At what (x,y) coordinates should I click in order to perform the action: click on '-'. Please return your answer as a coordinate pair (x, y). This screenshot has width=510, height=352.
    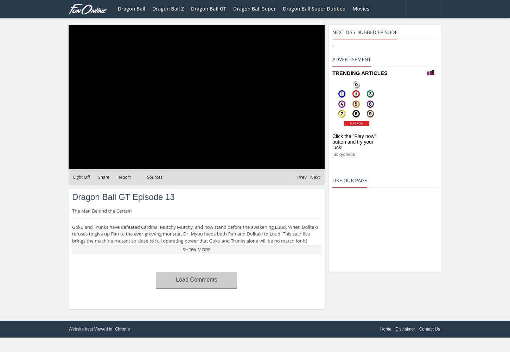
    Looking at the image, I should click on (333, 45).